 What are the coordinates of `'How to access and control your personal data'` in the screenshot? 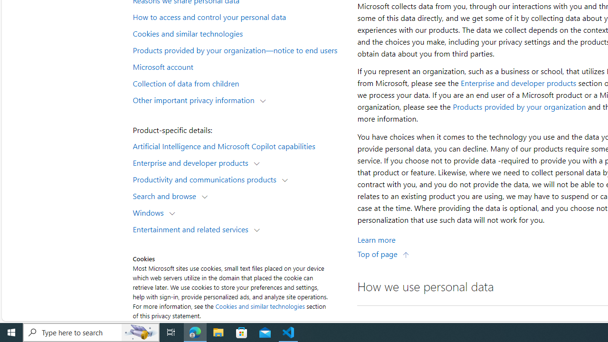 It's located at (239, 17).